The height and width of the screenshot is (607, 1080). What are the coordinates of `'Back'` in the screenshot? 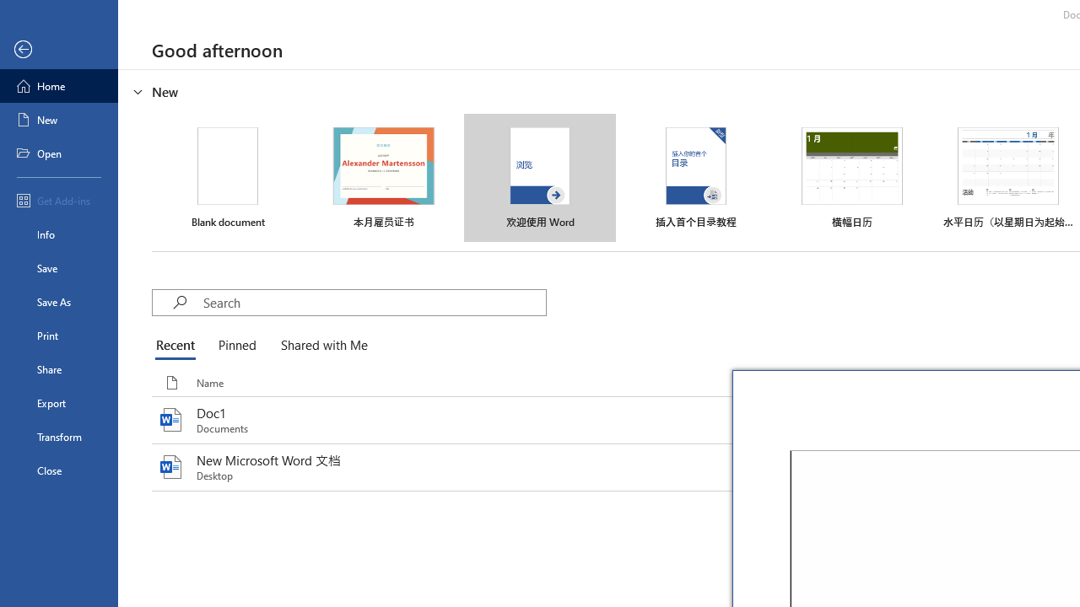 It's located at (58, 49).